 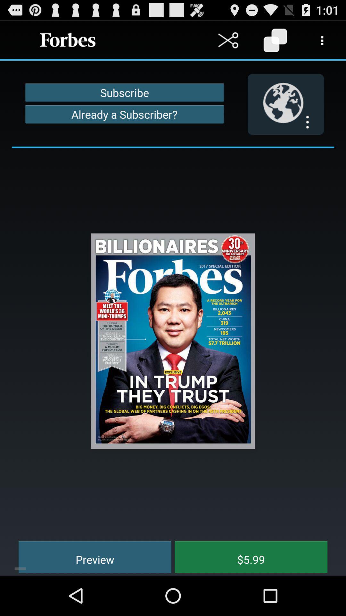 What do you see at coordinates (322, 40) in the screenshot?
I see `settings menu` at bounding box center [322, 40].